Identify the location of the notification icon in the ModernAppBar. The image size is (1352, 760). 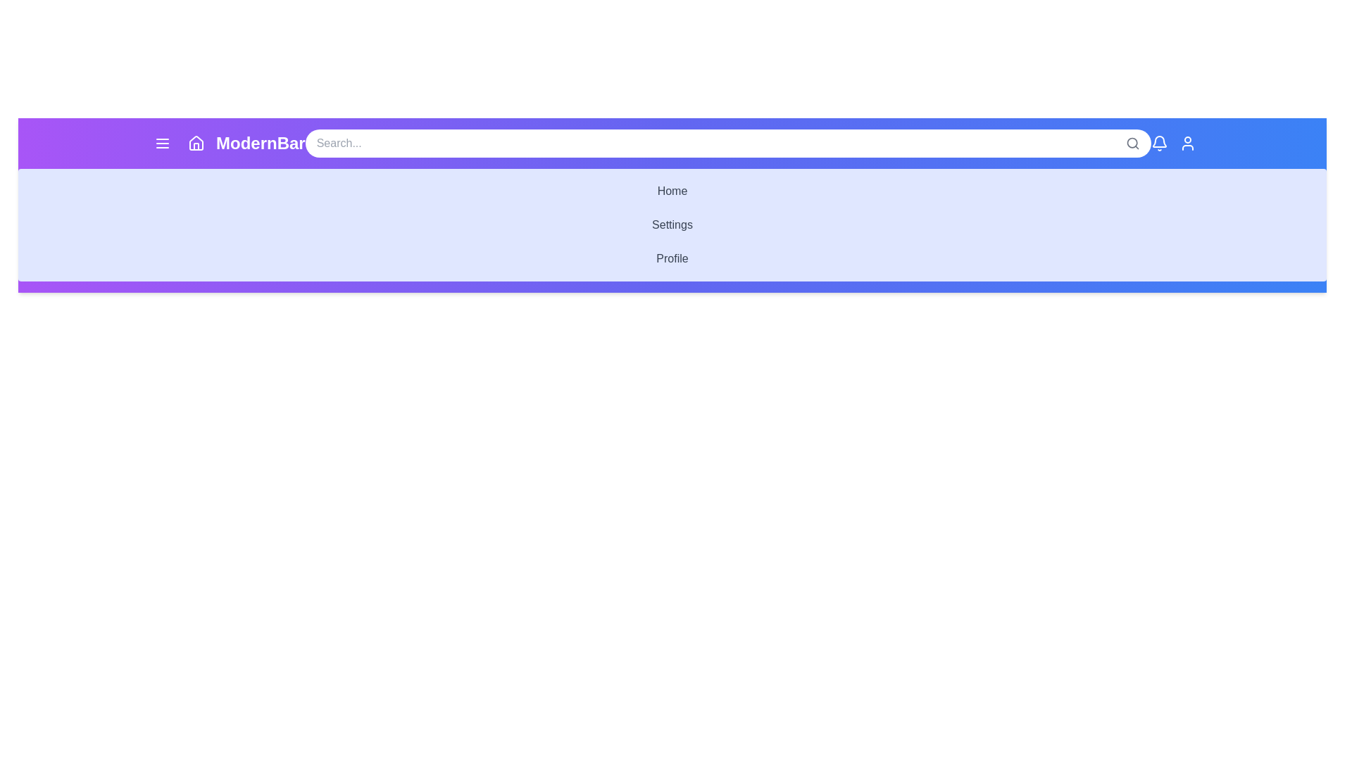
(1159, 144).